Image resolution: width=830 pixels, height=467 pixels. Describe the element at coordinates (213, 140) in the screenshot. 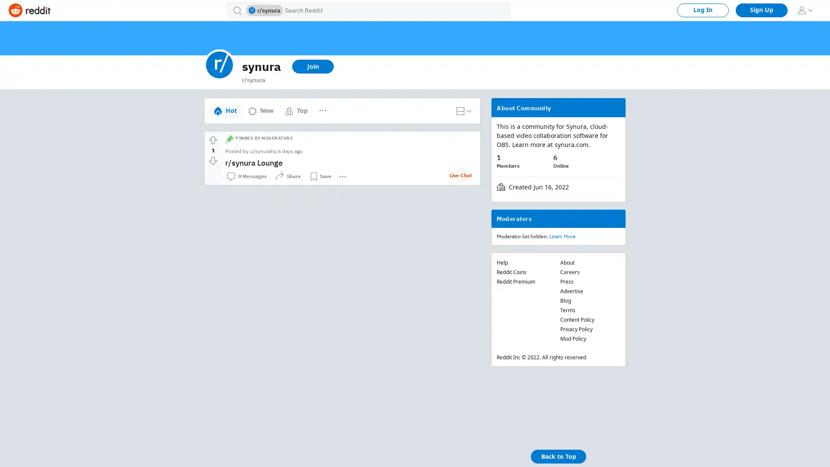

I see `upvote` at that location.